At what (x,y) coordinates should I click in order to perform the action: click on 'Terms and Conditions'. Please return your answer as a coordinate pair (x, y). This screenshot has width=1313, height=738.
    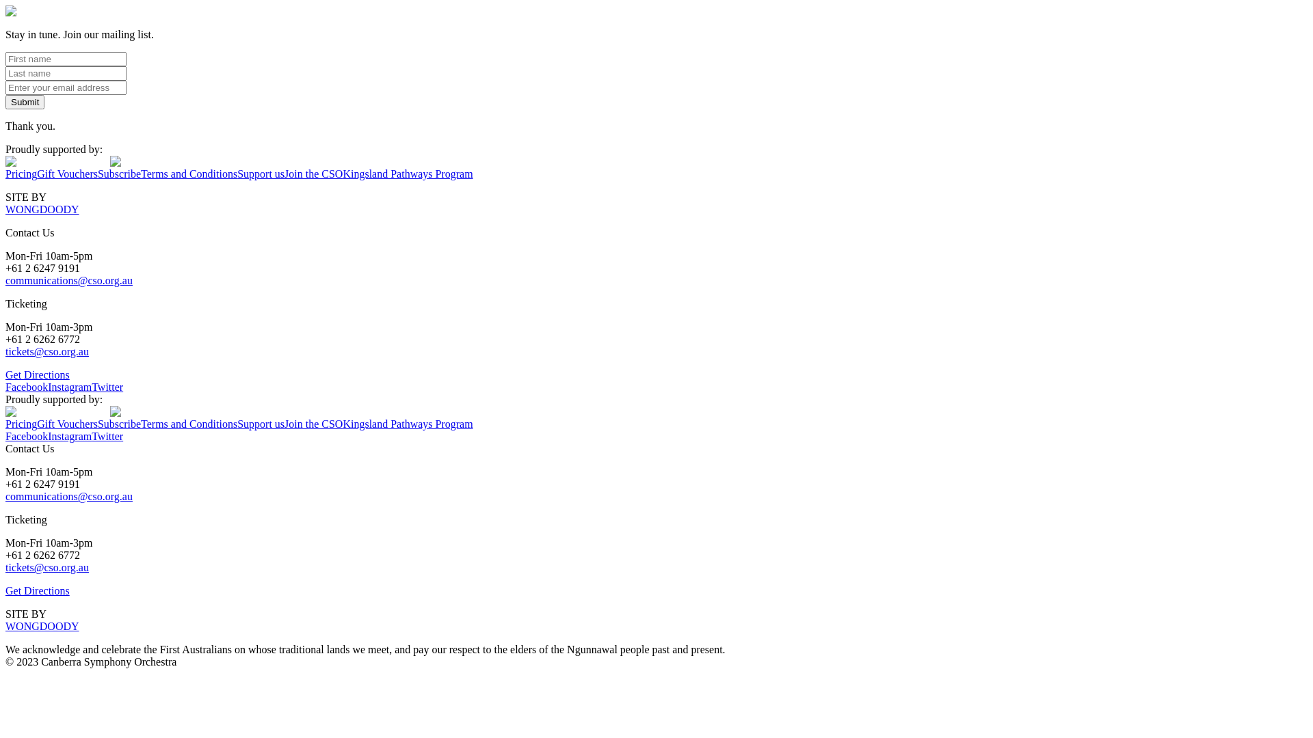
    Looking at the image, I should click on (188, 173).